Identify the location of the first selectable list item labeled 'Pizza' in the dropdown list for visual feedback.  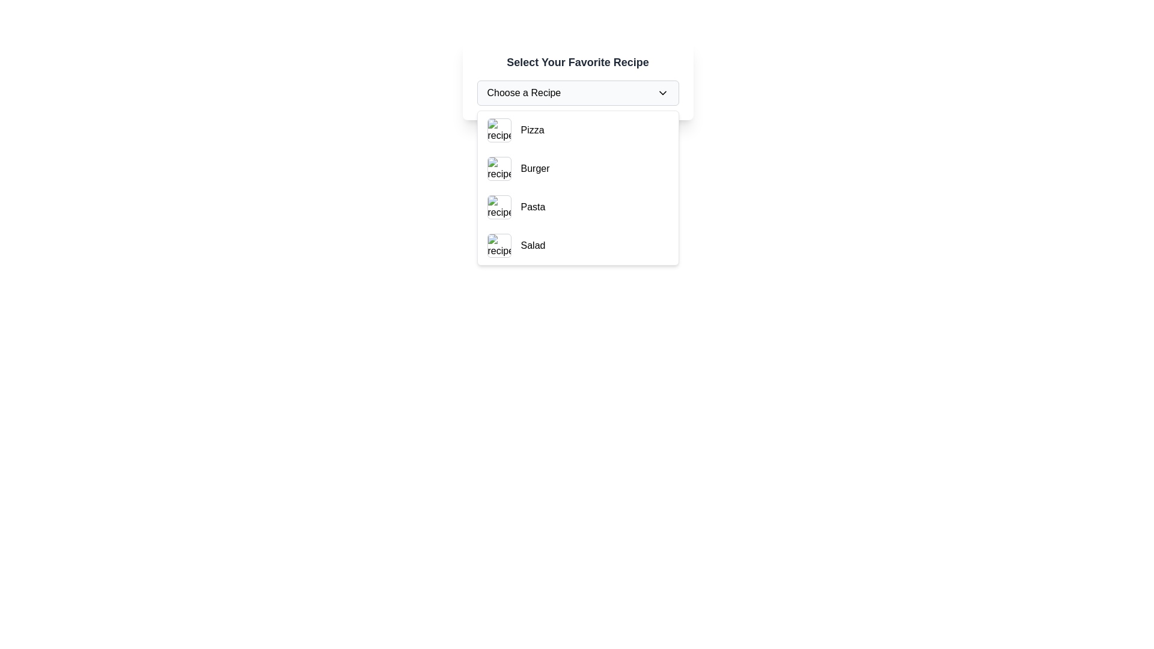
(578, 130).